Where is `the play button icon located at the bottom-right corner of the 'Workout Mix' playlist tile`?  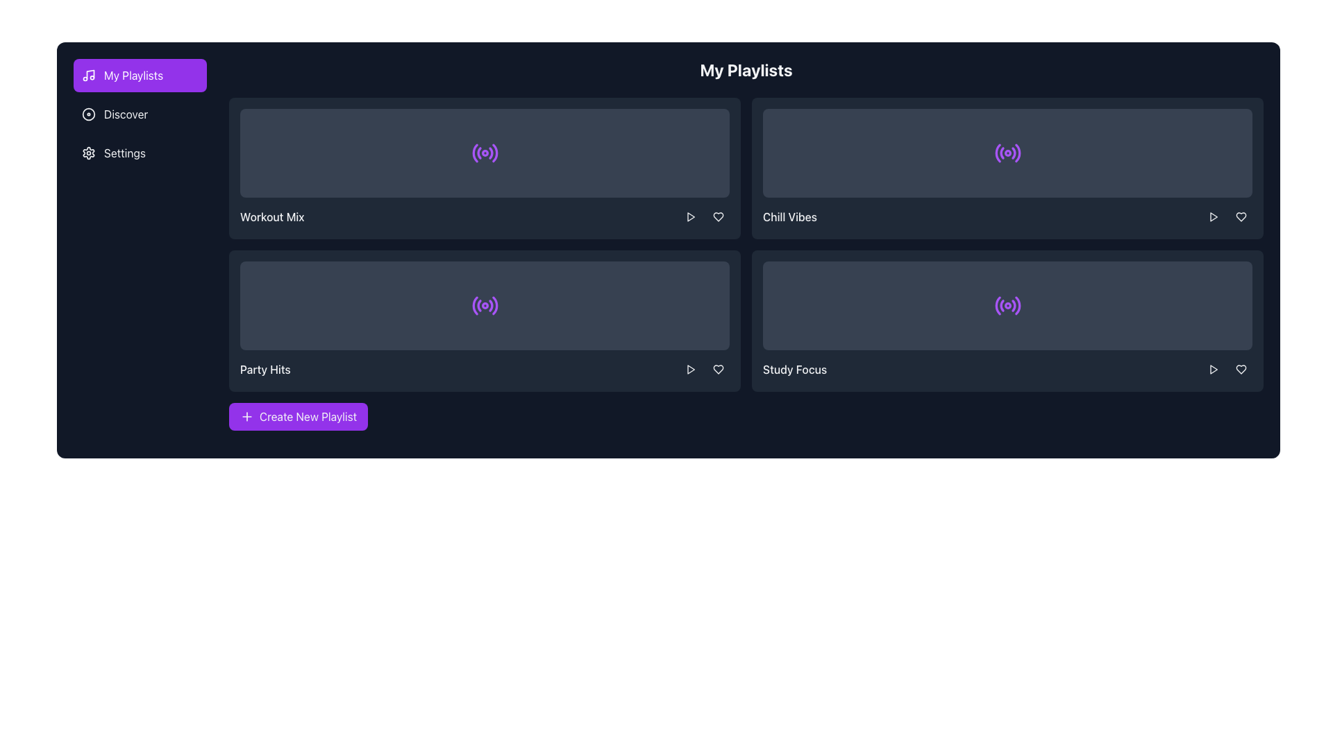
the play button icon located at the bottom-right corner of the 'Workout Mix' playlist tile is located at coordinates (691, 216).